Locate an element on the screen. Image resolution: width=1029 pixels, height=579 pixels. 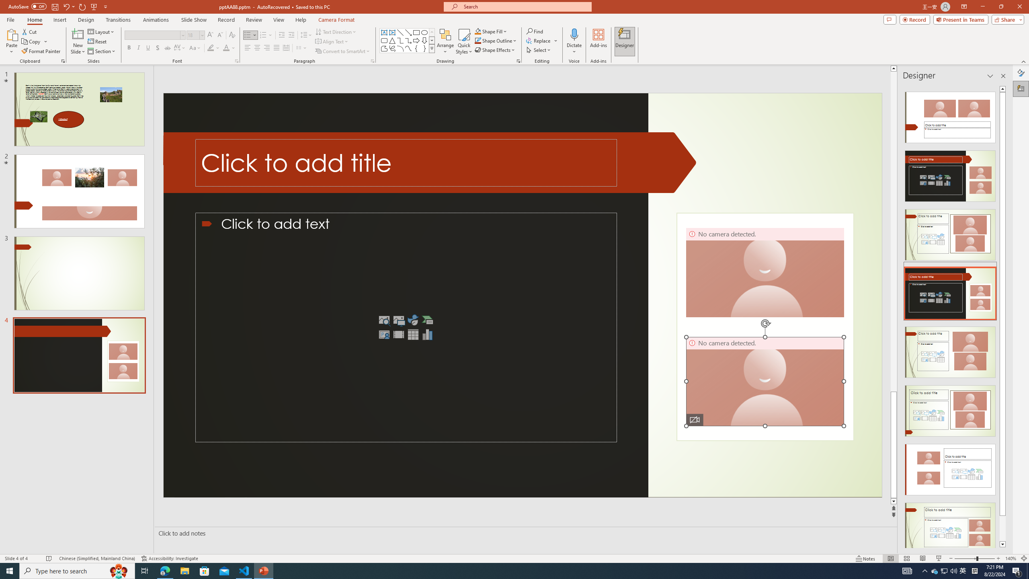
'Columns' is located at coordinates (301, 47).